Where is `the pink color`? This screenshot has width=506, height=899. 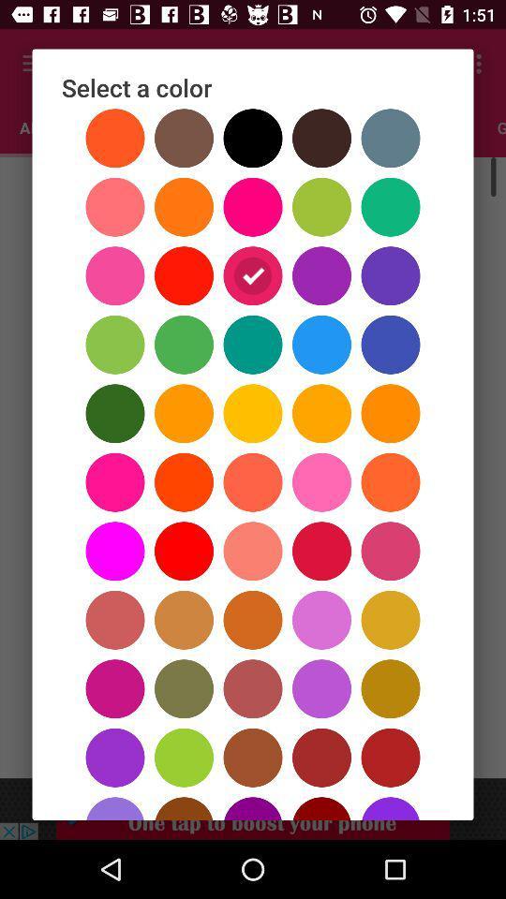
the pink color is located at coordinates (253, 126).